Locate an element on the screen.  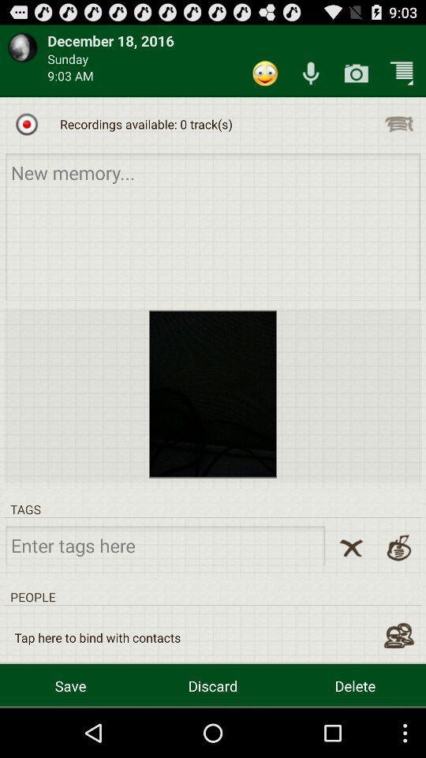
tag is located at coordinates (164, 545).